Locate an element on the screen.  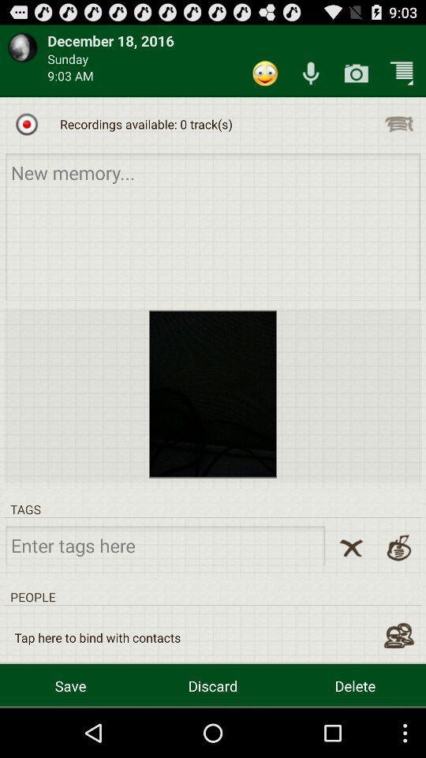
tag is located at coordinates (164, 545).